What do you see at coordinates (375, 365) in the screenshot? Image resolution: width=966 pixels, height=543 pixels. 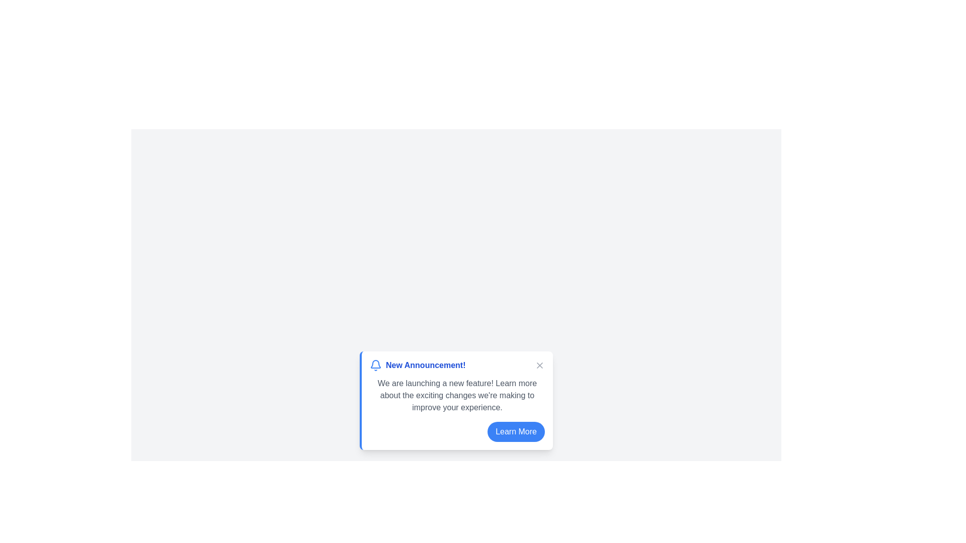 I see `the notification bell icon to interact with it` at bounding box center [375, 365].